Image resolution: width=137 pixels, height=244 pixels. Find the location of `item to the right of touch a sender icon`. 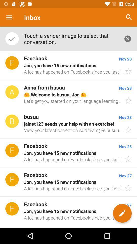

item to the right of touch a sender icon is located at coordinates (129, 17).